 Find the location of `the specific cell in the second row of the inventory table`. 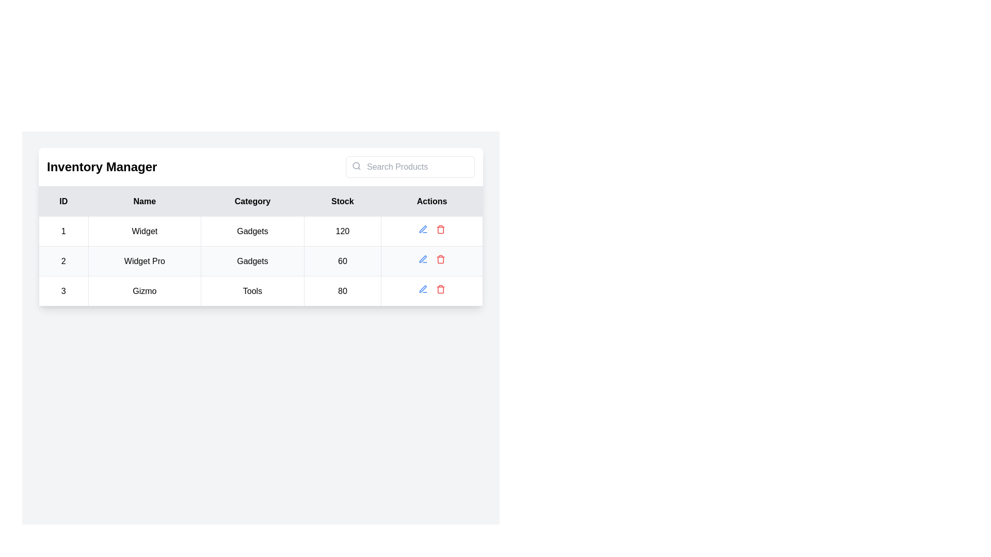

the specific cell in the second row of the inventory table is located at coordinates (261, 260).